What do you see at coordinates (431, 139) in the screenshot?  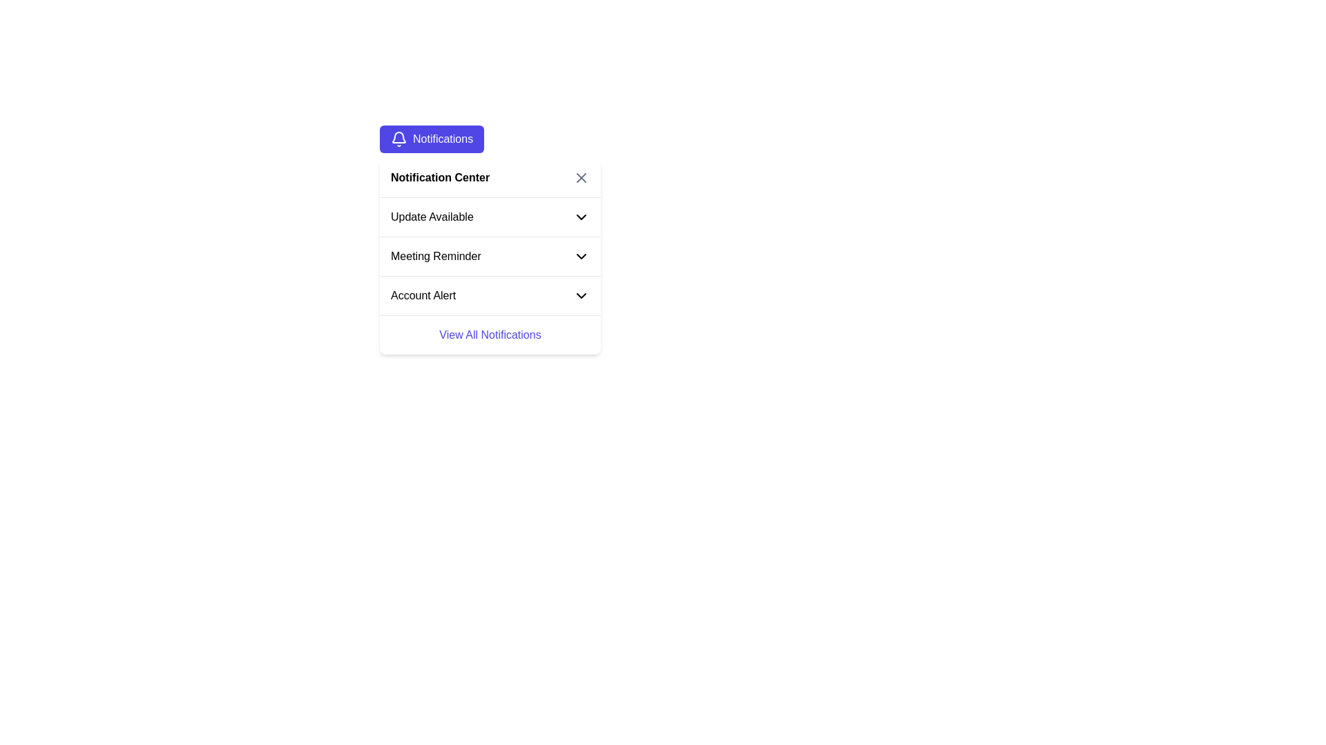 I see `the blue button labeled 'Notifications' with a bell icon to trigger a visual response` at bounding box center [431, 139].